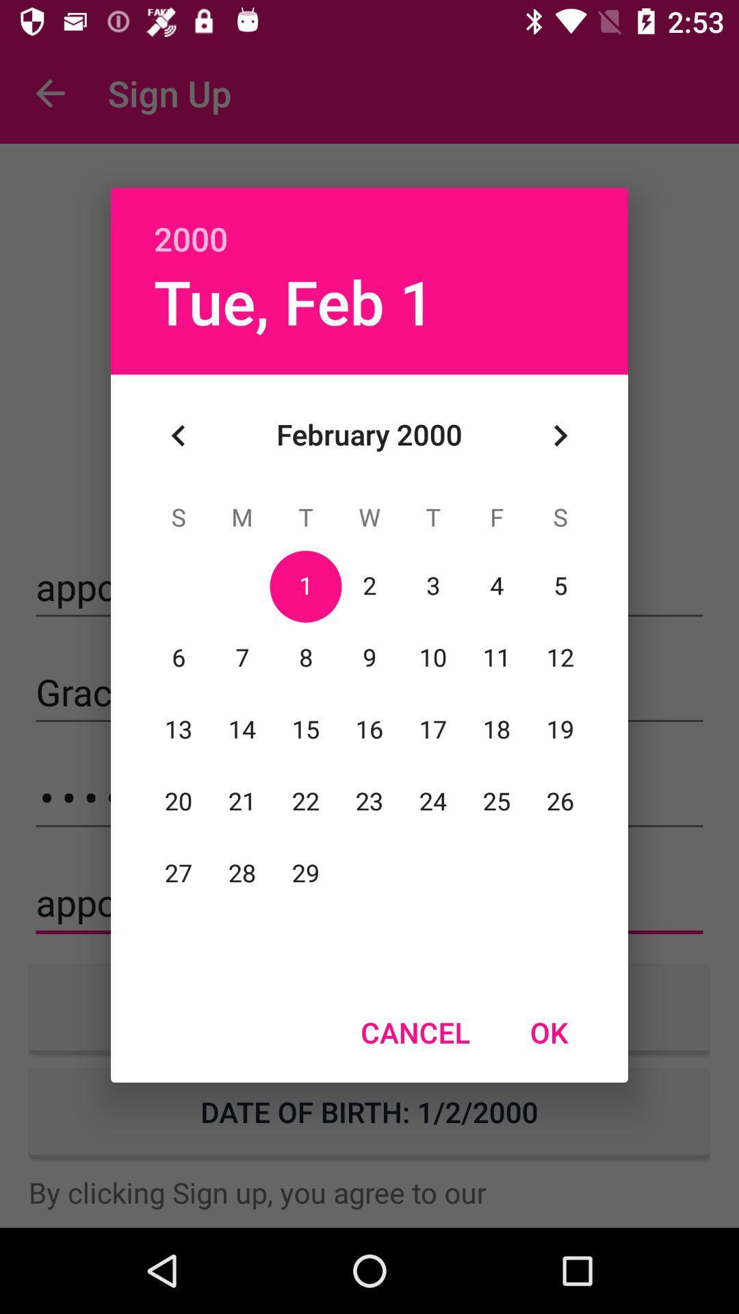 Image resolution: width=739 pixels, height=1314 pixels. What do you see at coordinates (294, 300) in the screenshot?
I see `the tue, feb 1 item` at bounding box center [294, 300].